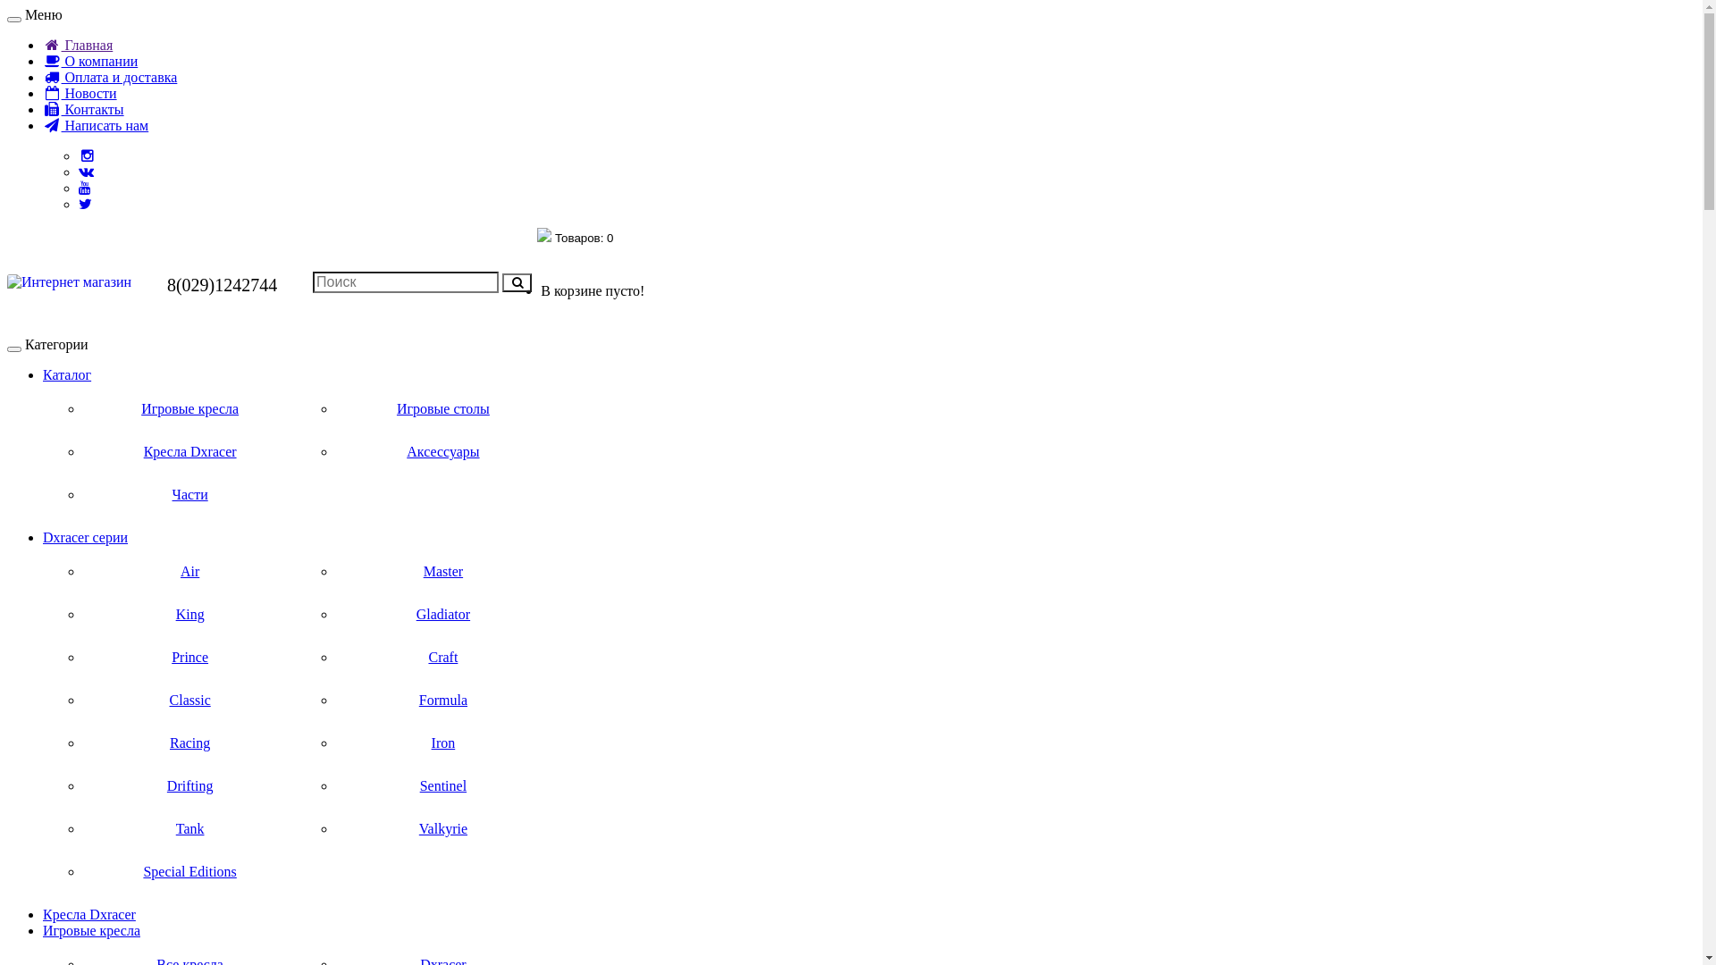 This screenshot has height=965, width=1716. Describe the element at coordinates (442, 743) in the screenshot. I see `'Iron'` at that location.